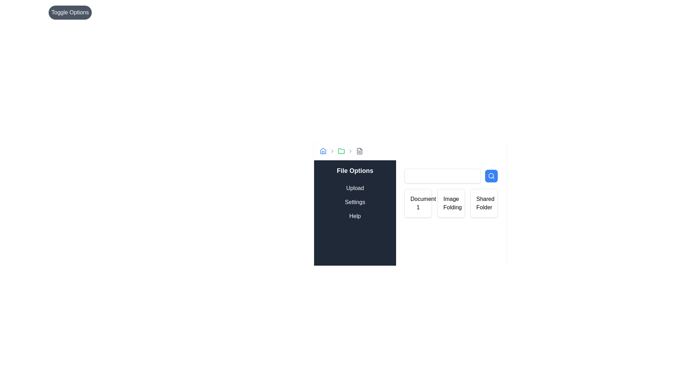 This screenshot has width=673, height=378. I want to click on the help menu button located in the 'File Options' section of the sidebar, positioned below the 'Settings' button, so click(355, 216).